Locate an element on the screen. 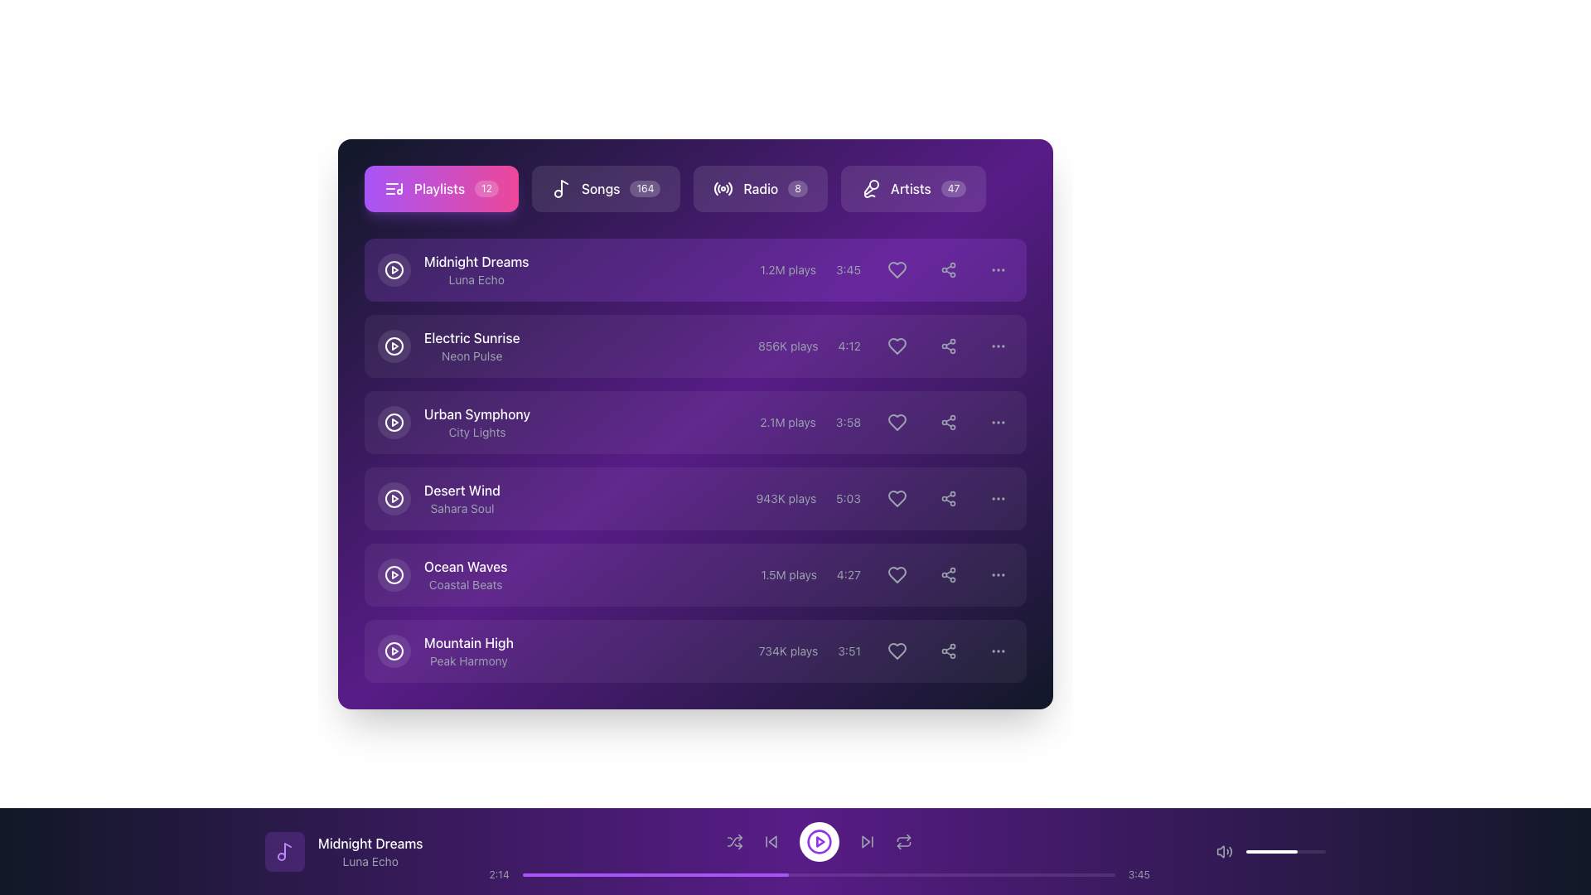  the progress bar located at the bottom right section of the interface is located at coordinates (1284, 852).